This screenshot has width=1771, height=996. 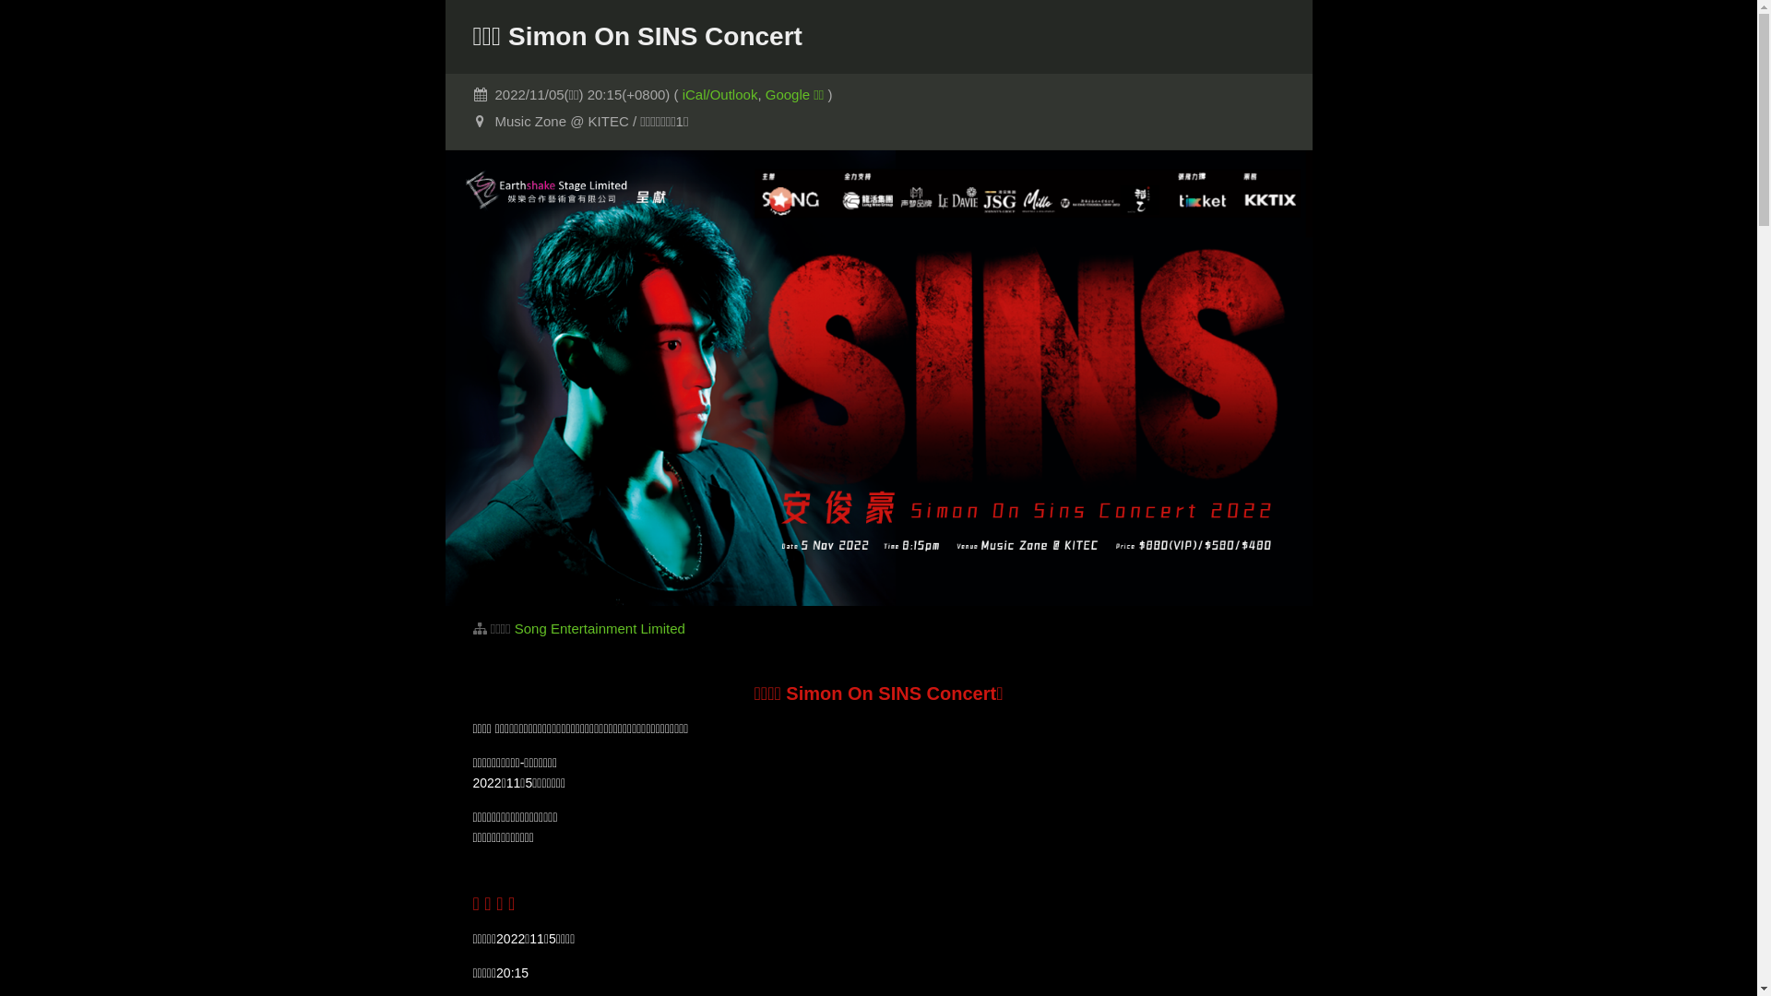 I want to click on 'iCal/Outlook', so click(x=719, y=94).